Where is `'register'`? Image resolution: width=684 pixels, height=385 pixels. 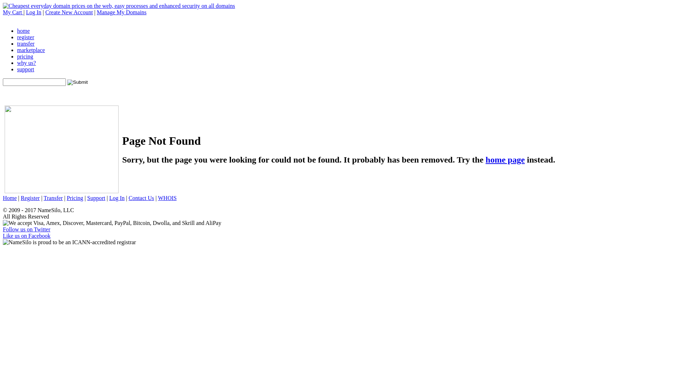
'register' is located at coordinates (26, 37).